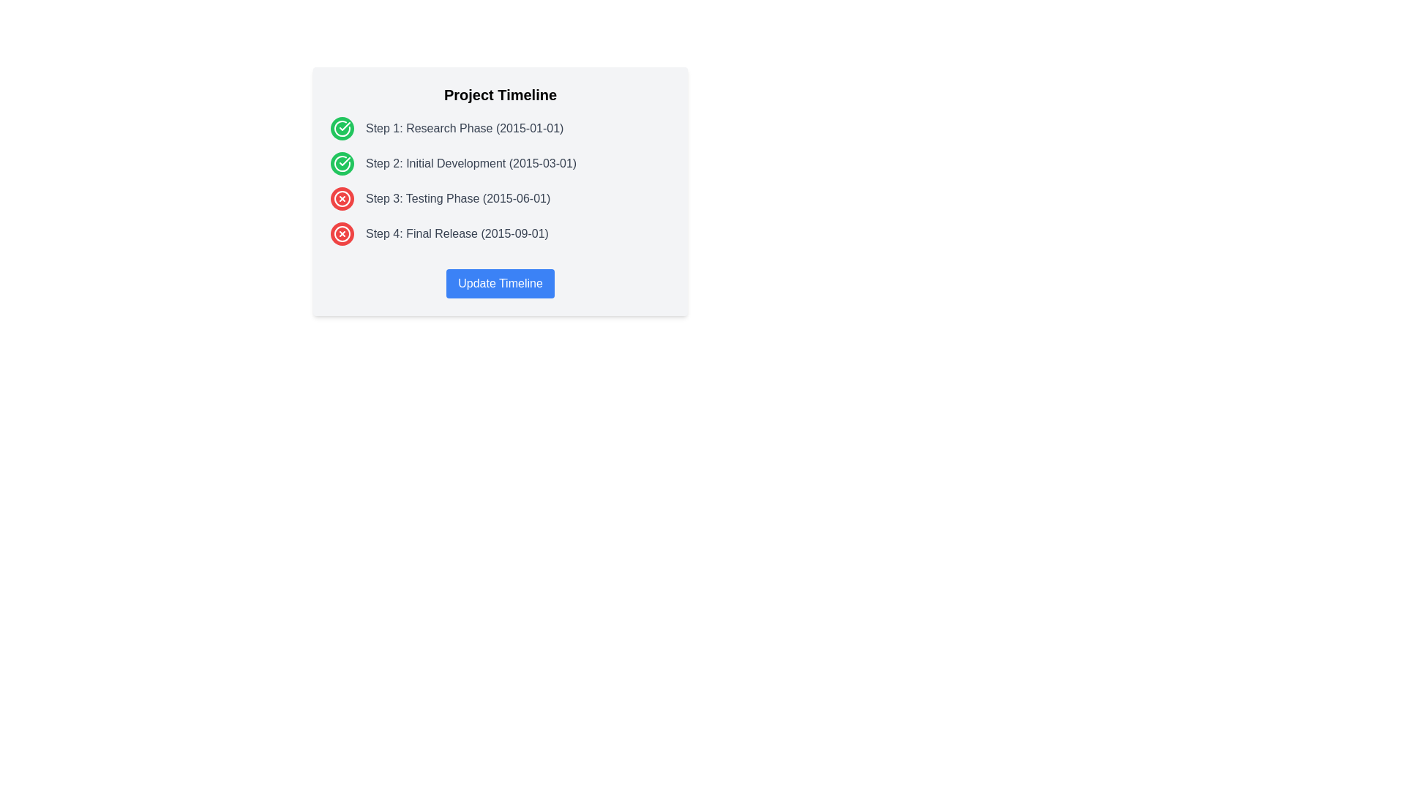 Image resolution: width=1405 pixels, height=790 pixels. What do you see at coordinates (341, 128) in the screenshot?
I see `the SVG-based icon indicating the successful completion of 'Step 1: Research Phase', located next to the text 'Step 1: Research Phase (2015-01-01)'` at bounding box center [341, 128].